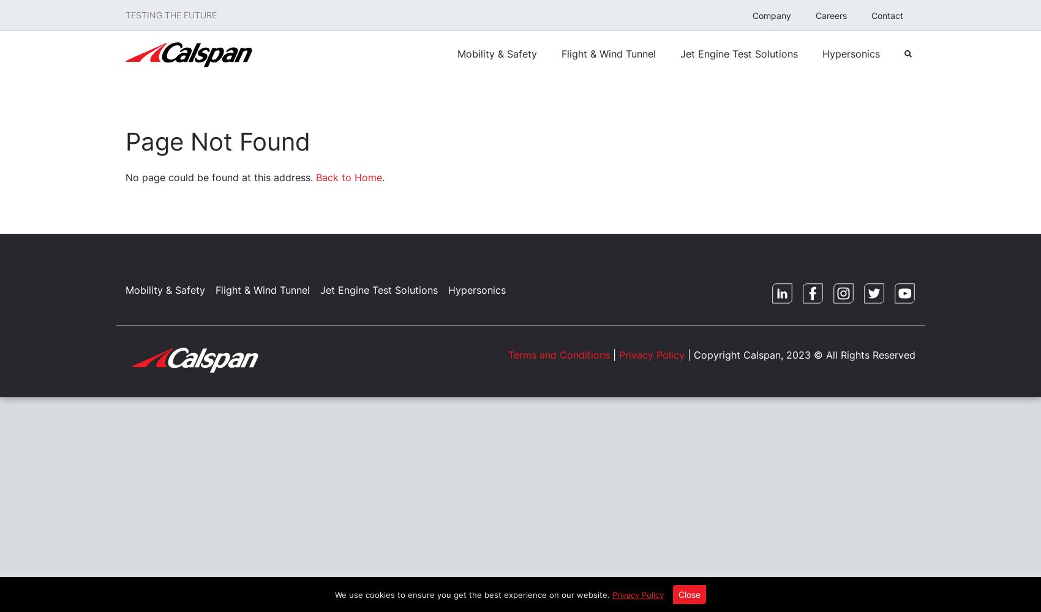 This screenshot has height=612, width=1041. I want to click on 'We use cookies to ensure you get the best experience on our website.', so click(334, 594).